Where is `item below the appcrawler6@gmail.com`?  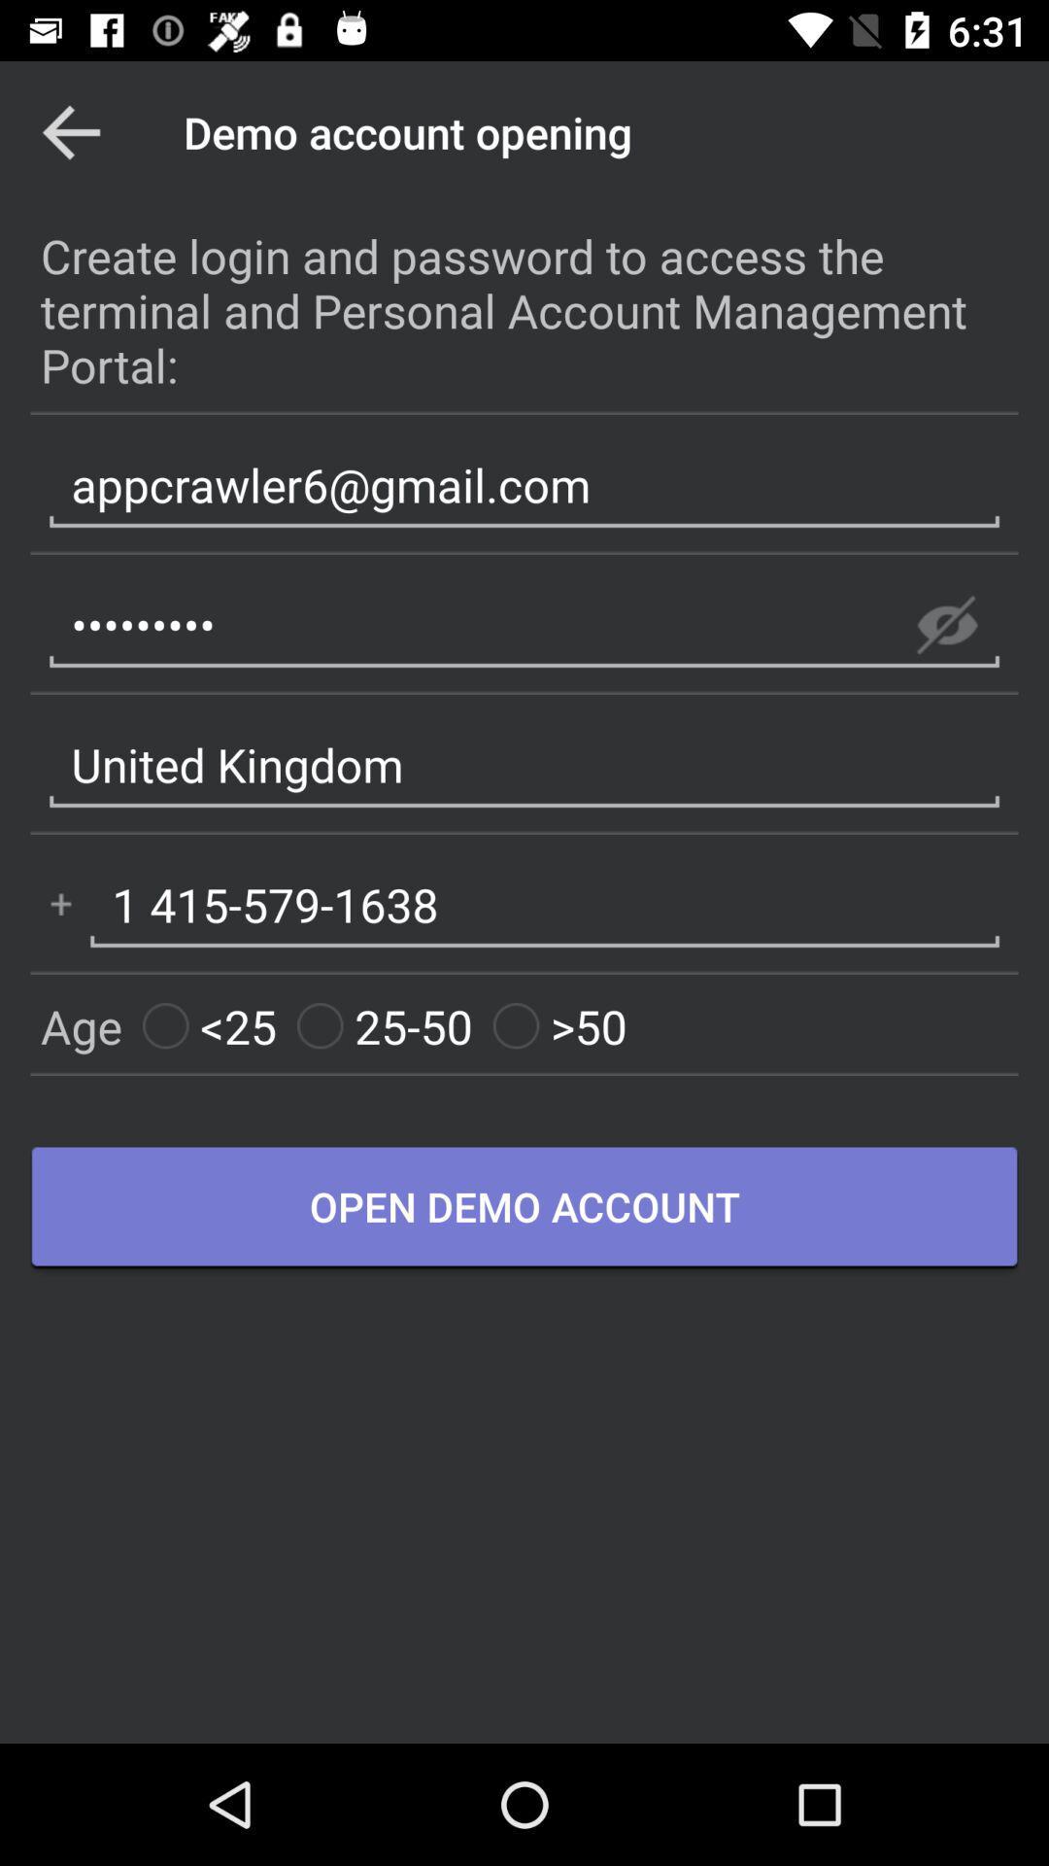 item below the appcrawler6@gmail.com is located at coordinates (946, 625).